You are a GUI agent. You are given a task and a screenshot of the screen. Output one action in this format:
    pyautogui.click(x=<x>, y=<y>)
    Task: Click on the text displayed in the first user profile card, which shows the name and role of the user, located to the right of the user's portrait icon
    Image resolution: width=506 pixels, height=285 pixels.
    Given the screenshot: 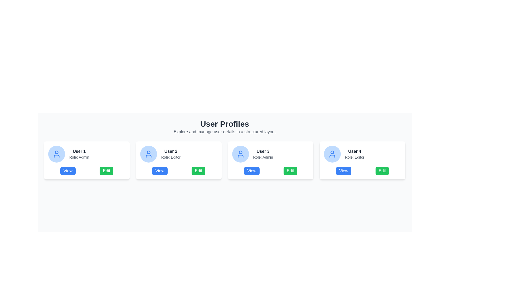 What is the action you would take?
    pyautogui.click(x=79, y=154)
    